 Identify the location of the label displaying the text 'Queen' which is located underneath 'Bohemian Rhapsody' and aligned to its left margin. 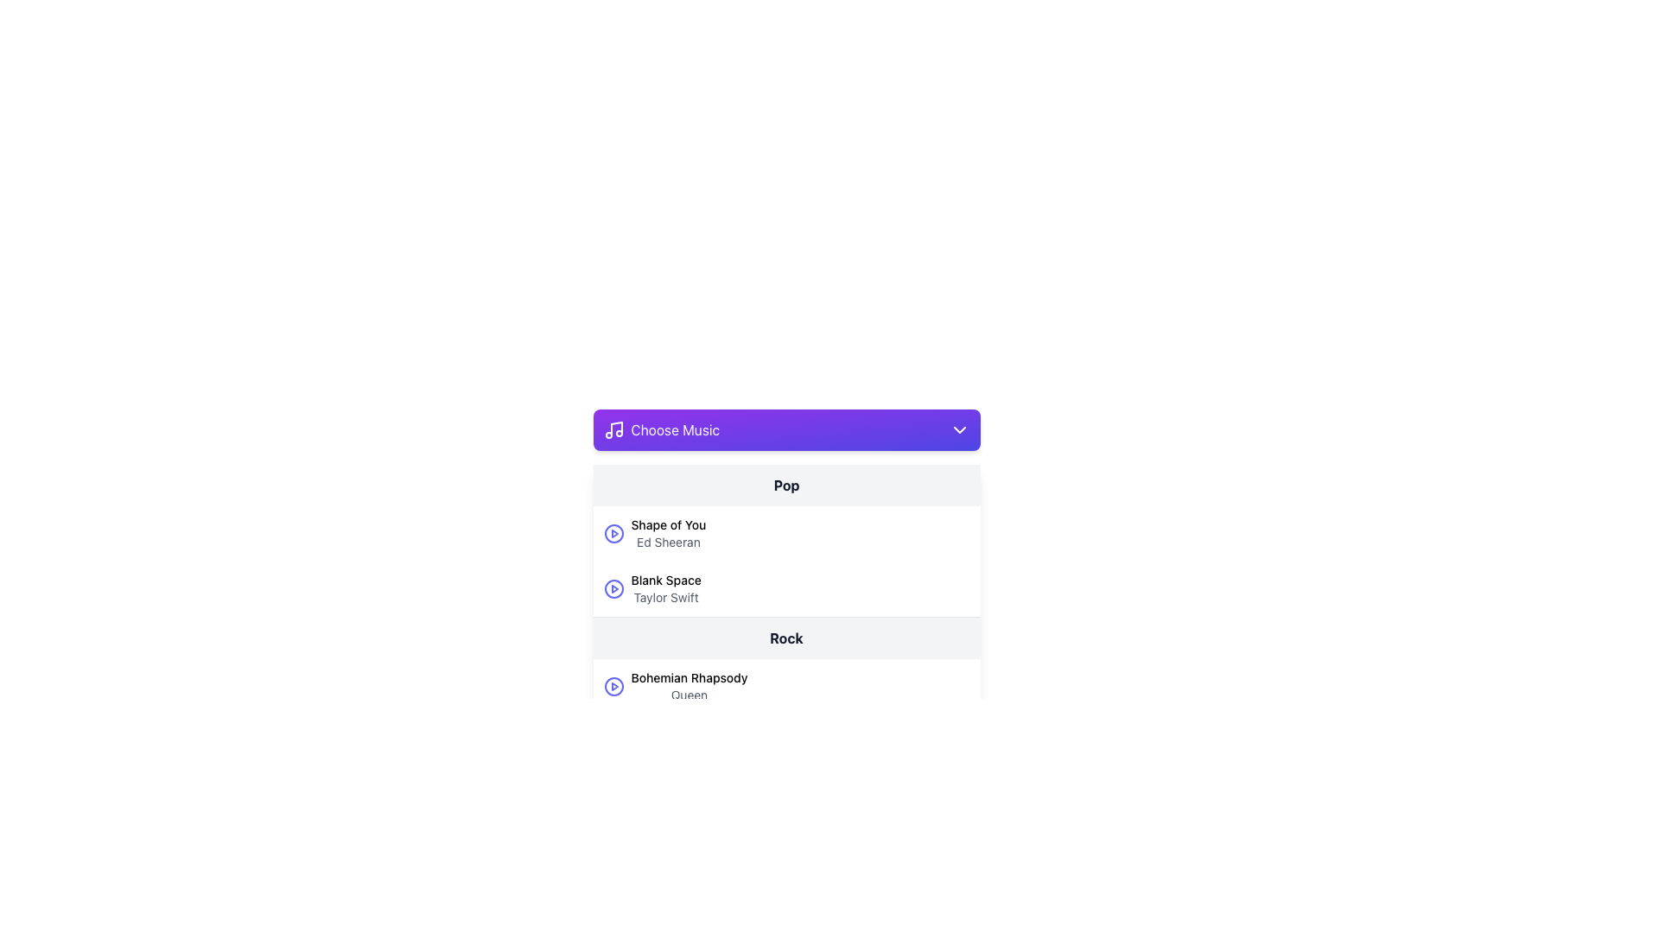
(688, 695).